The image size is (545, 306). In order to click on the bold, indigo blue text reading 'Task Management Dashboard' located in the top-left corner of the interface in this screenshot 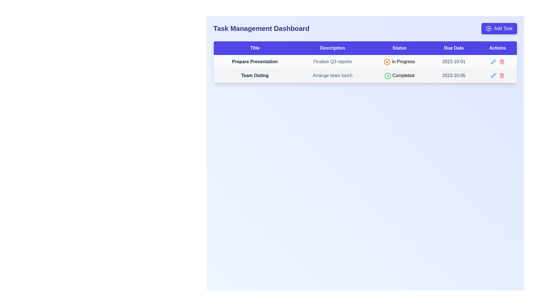, I will do `click(261, 28)`.